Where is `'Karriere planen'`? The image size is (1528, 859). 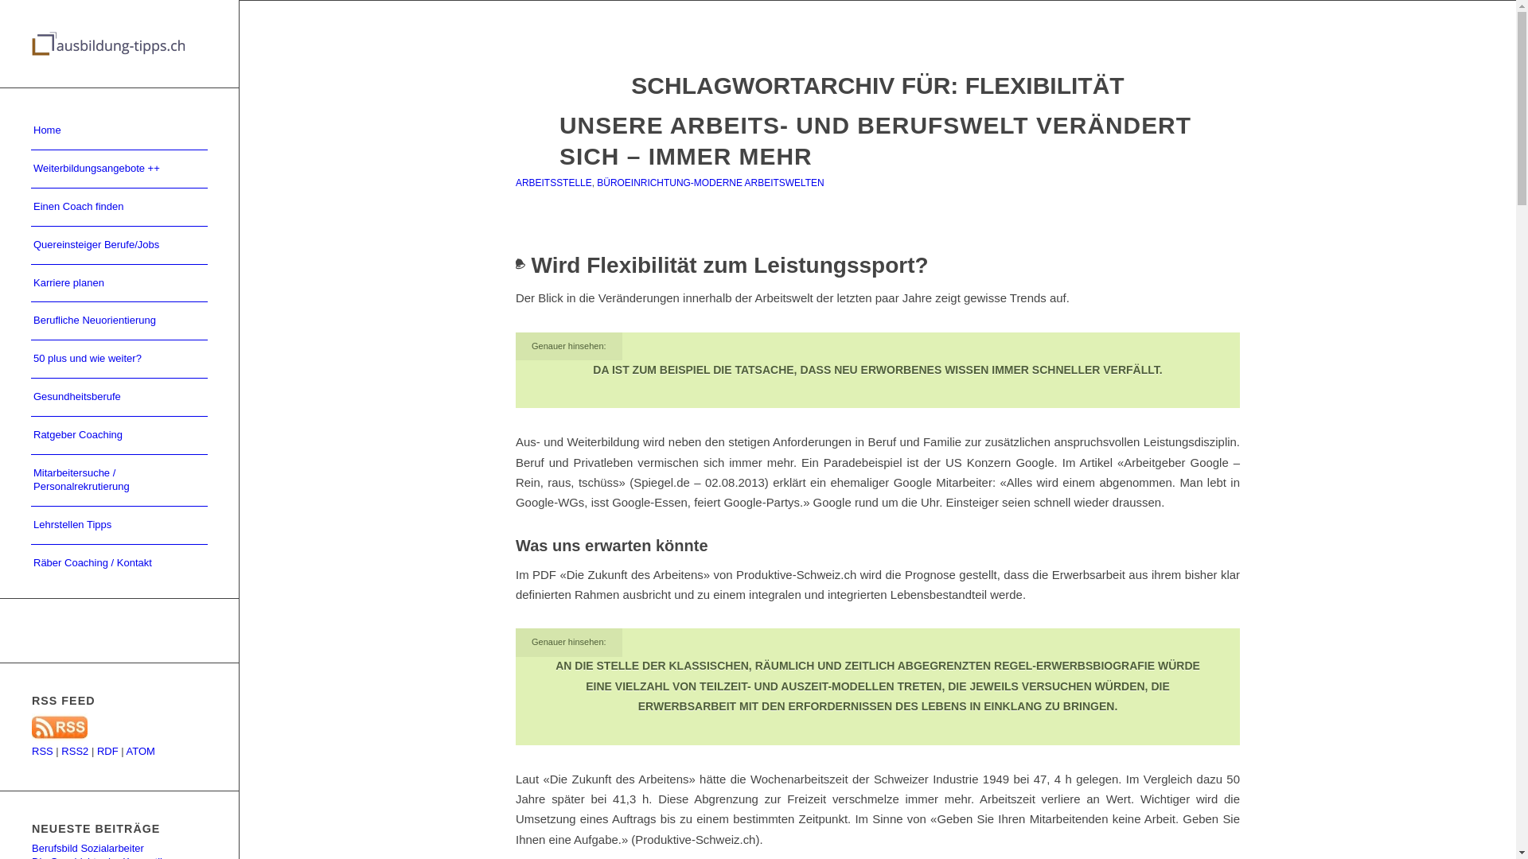
'Karriere planen' is located at coordinates (30, 283).